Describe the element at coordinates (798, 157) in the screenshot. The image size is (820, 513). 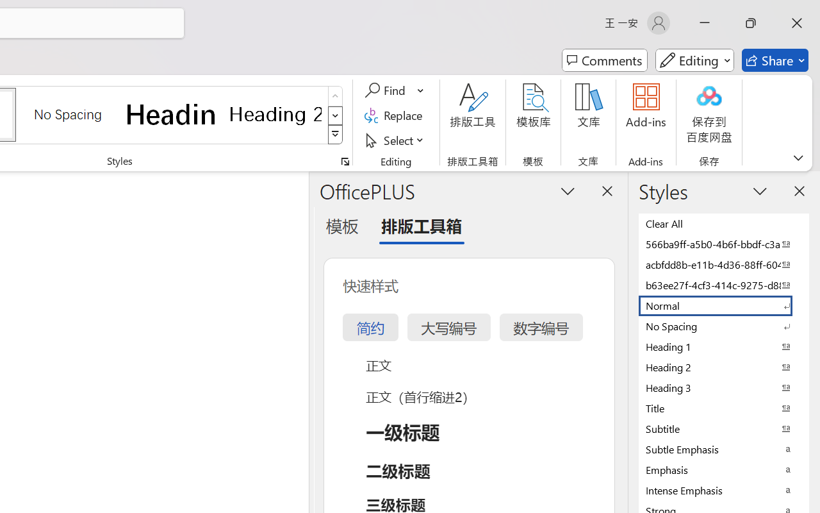
I see `'Ribbon Display Options'` at that location.